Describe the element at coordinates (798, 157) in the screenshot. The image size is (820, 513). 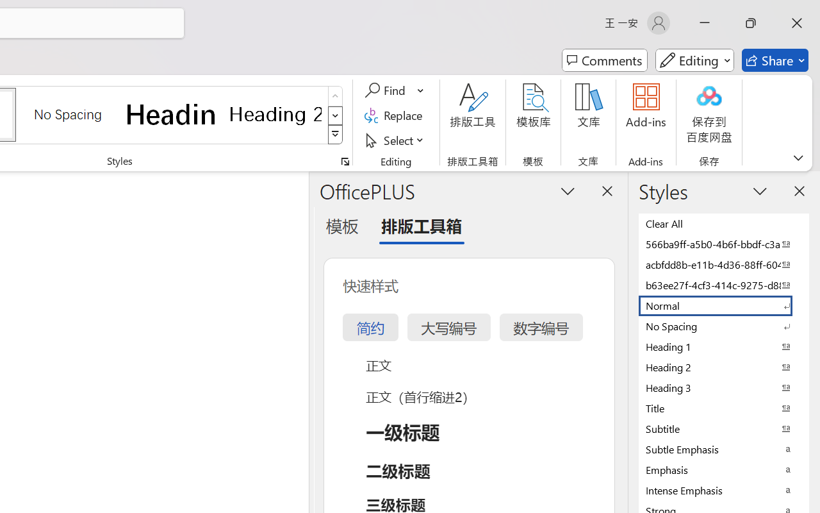
I see `'Ribbon Display Options'` at that location.